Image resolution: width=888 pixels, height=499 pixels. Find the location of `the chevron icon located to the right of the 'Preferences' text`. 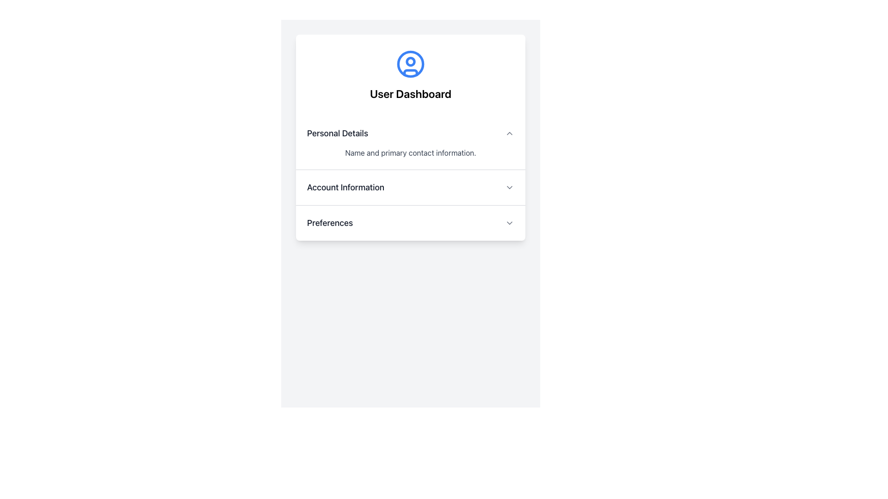

the chevron icon located to the right of the 'Preferences' text is located at coordinates (509, 223).